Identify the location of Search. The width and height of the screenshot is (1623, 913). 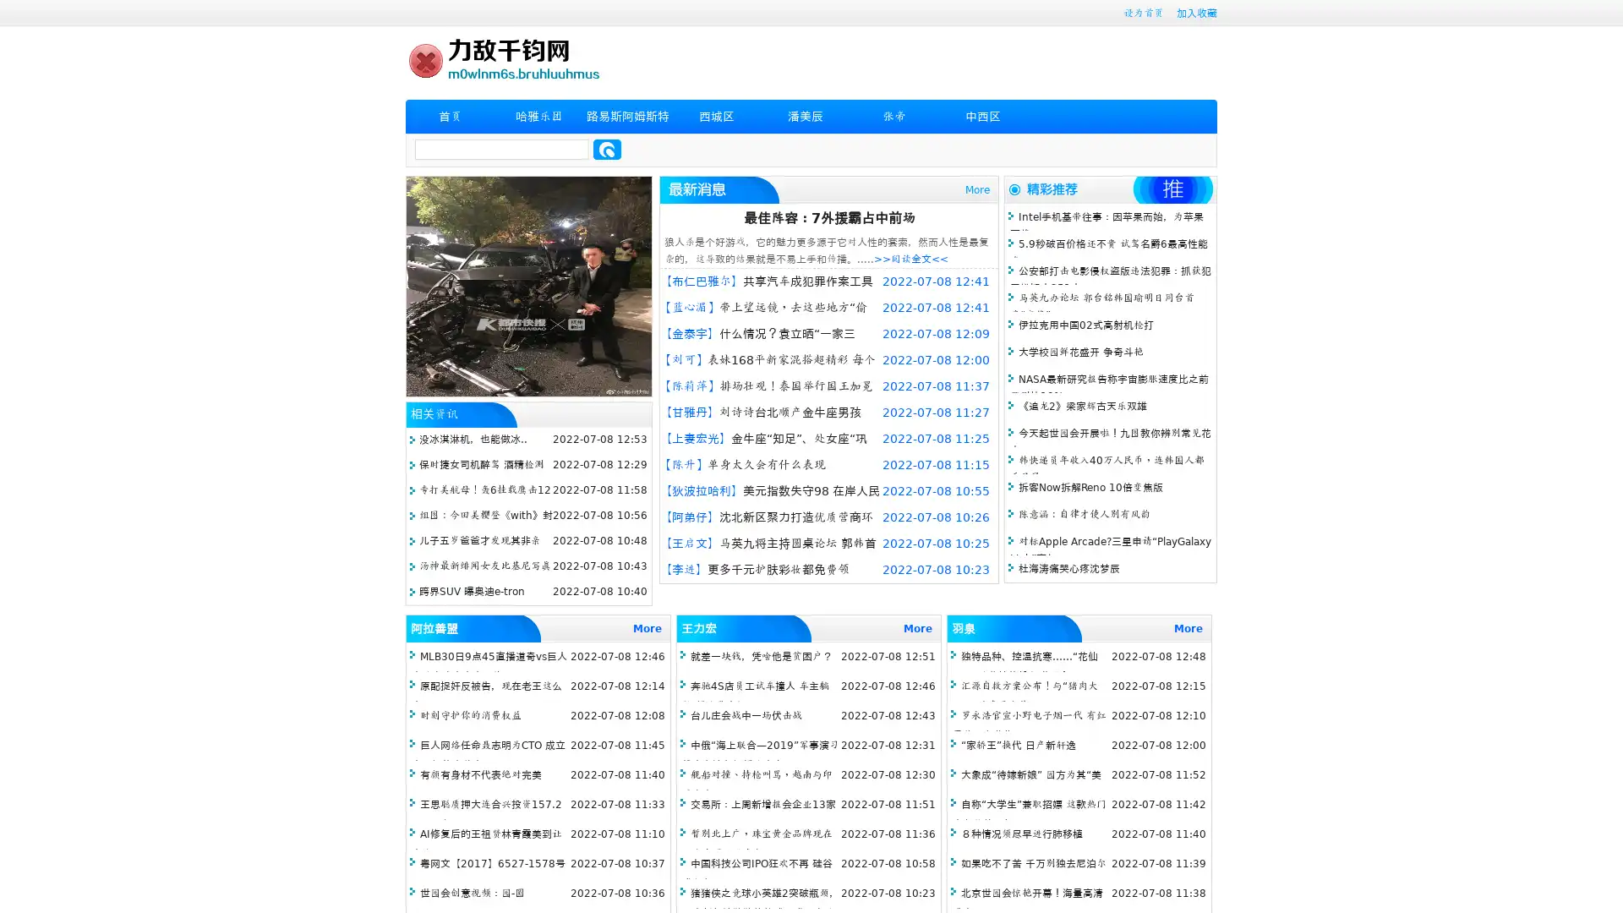
(607, 149).